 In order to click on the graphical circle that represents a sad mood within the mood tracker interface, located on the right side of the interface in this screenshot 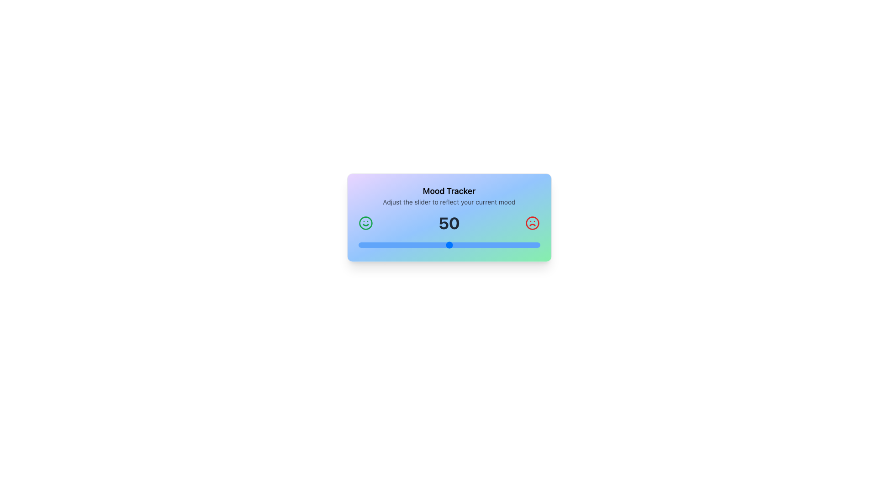, I will do `click(533, 223)`.